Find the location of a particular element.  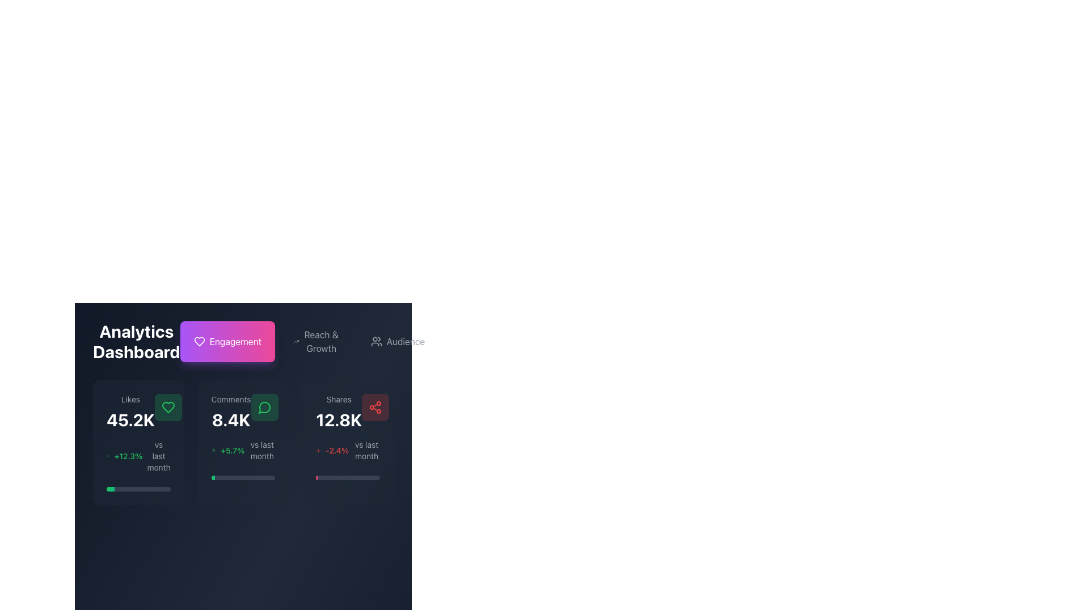

the Progress Bar located at the bottom of the 'Comments' section, below the numeric value '8.4K' and the growth rate '+5.7% vs last month' is located at coordinates (242, 477).